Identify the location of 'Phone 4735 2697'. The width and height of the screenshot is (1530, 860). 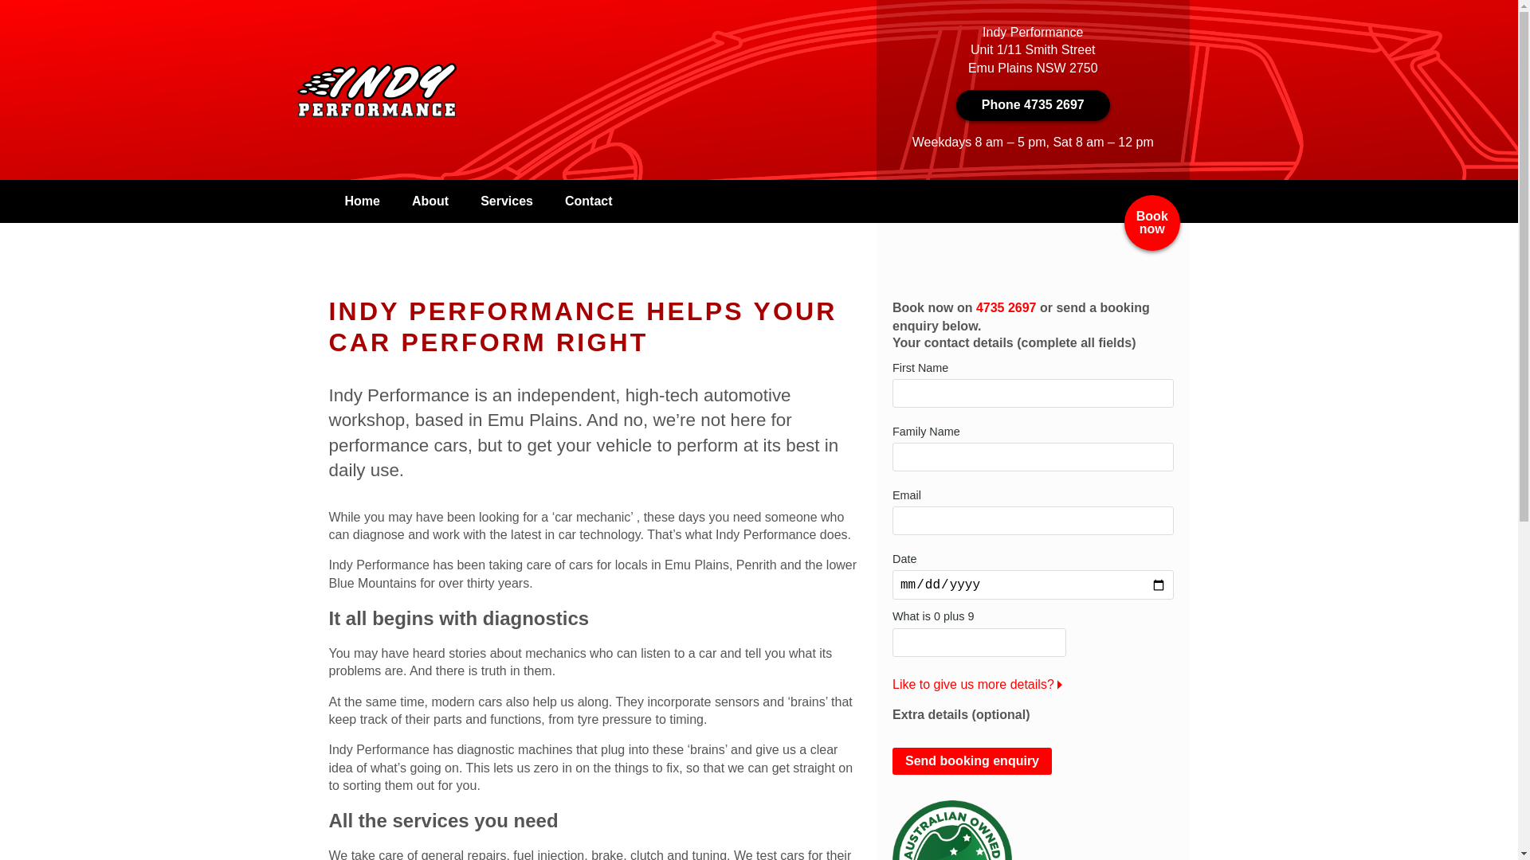
(1033, 104).